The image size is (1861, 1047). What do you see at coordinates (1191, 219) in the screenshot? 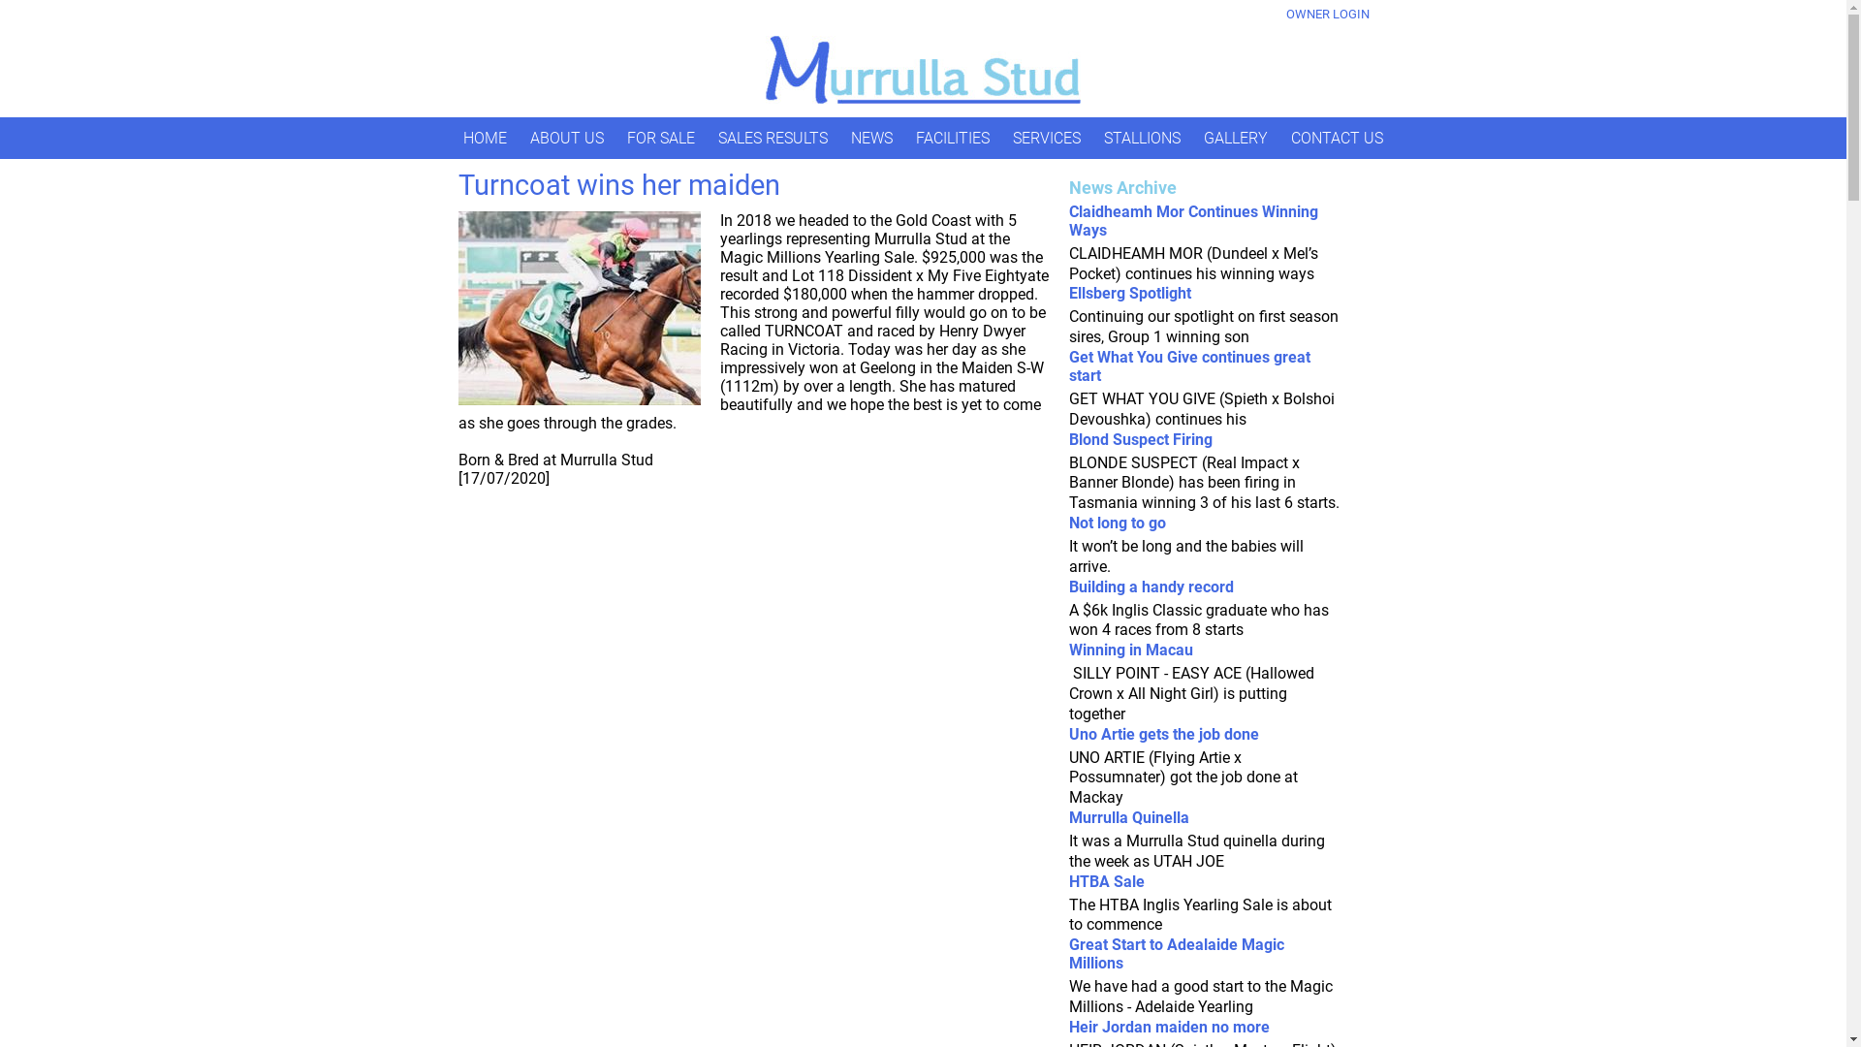
I see `'Claidheamh Mor Continues Winning Ways'` at bounding box center [1191, 219].